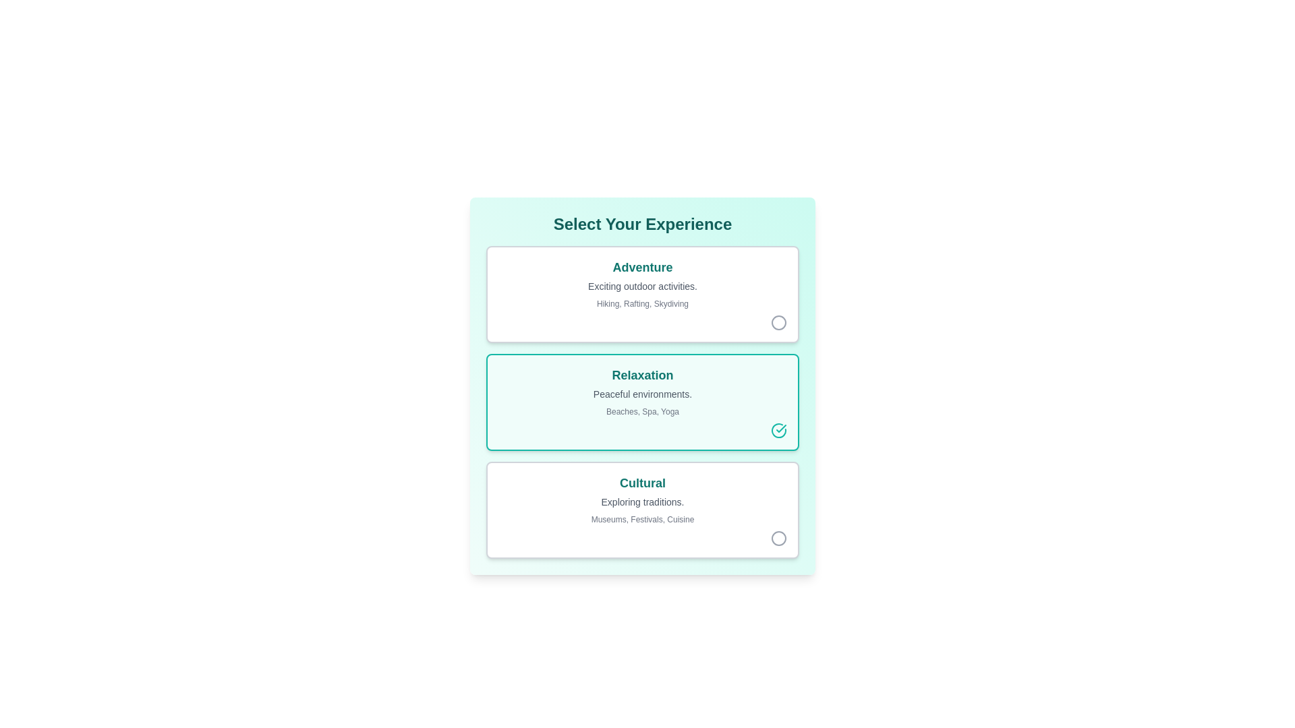  What do you see at coordinates (779, 537) in the screenshot?
I see `the selected radio button in the 'Cultural' option card, which is a circle with a filled center indicating its selected state` at bounding box center [779, 537].